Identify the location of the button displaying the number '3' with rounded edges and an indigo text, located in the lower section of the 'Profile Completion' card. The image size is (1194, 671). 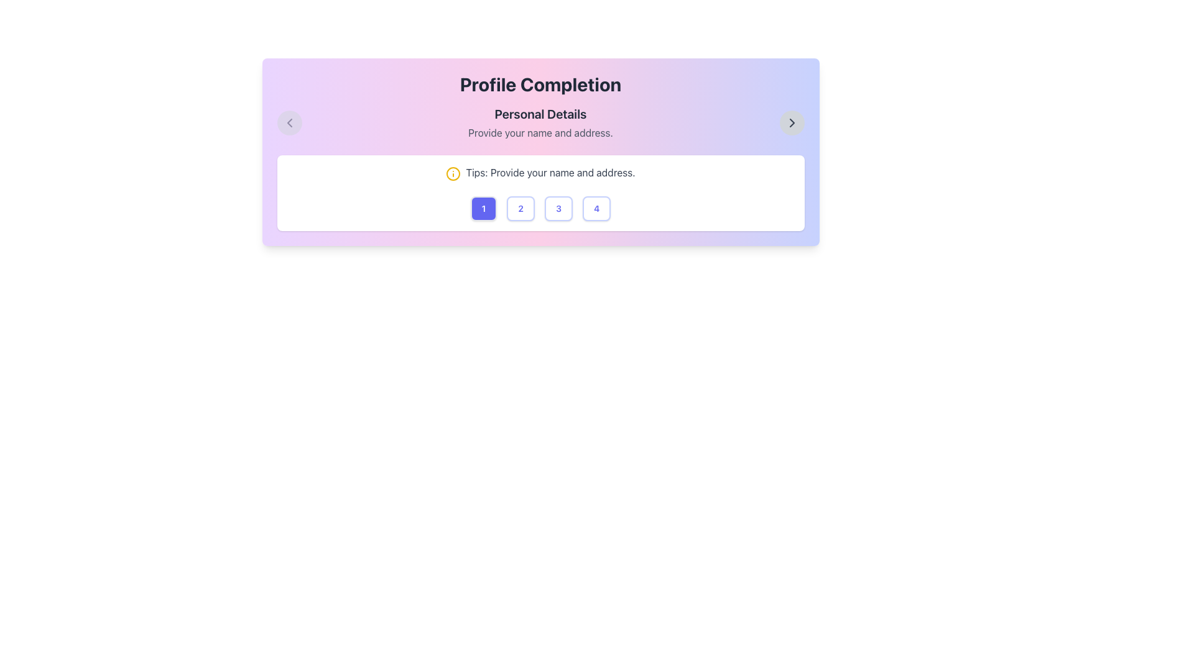
(558, 208).